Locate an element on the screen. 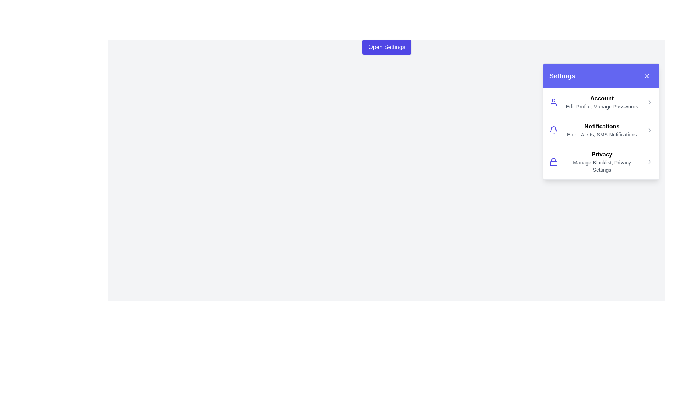  the 'Notifications' textual label located in the settings menu, which is the second item in the vertical list between 'Account' and 'Privacy' is located at coordinates (602, 130).